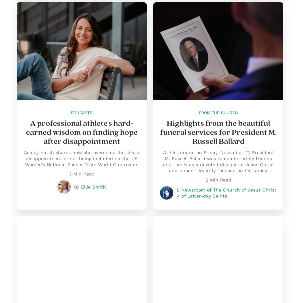  Describe the element at coordinates (81, 158) in the screenshot. I see `'Ashley Hatch shares how she overcome the sharp disappointment of not being included on the US Women’s National Soccer Team World Cup roster.'` at that location.